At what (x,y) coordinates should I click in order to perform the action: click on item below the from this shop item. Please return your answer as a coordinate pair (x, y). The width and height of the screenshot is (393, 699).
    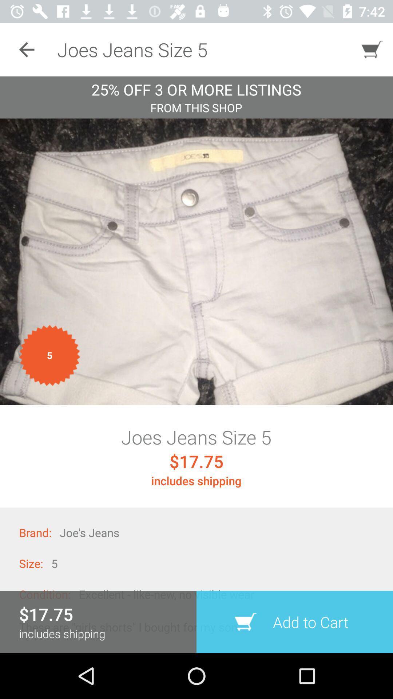
    Looking at the image, I should click on (196, 262).